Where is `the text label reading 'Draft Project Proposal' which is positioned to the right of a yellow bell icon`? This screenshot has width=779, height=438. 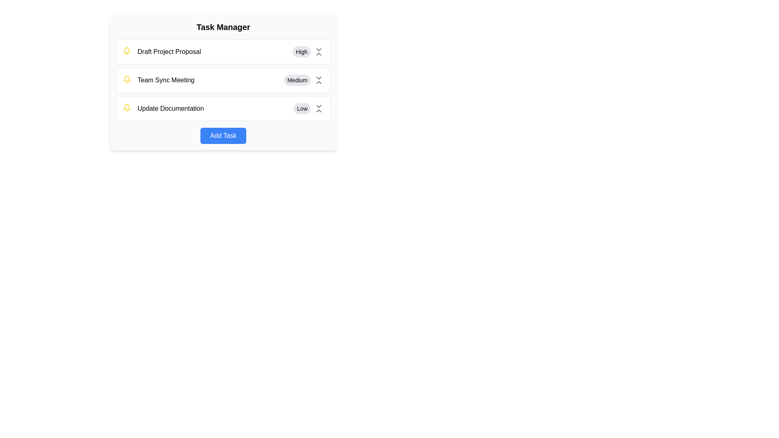
the text label reading 'Draft Project Proposal' which is positioned to the right of a yellow bell icon is located at coordinates (162, 52).